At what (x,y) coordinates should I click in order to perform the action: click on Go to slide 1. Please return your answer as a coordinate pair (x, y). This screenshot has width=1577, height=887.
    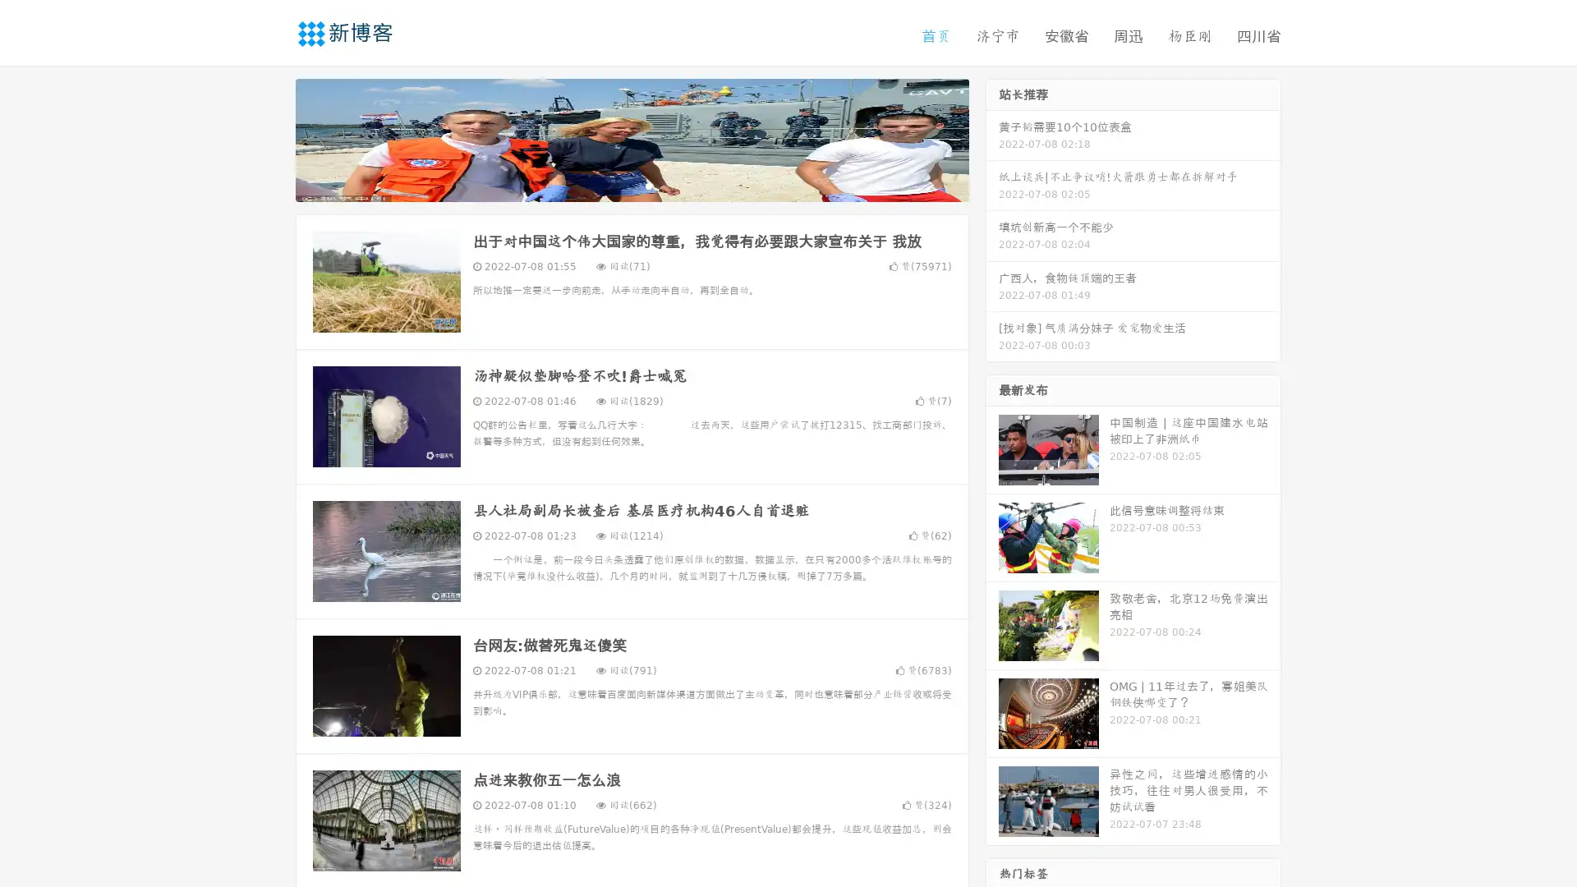
    Looking at the image, I should click on (614, 185).